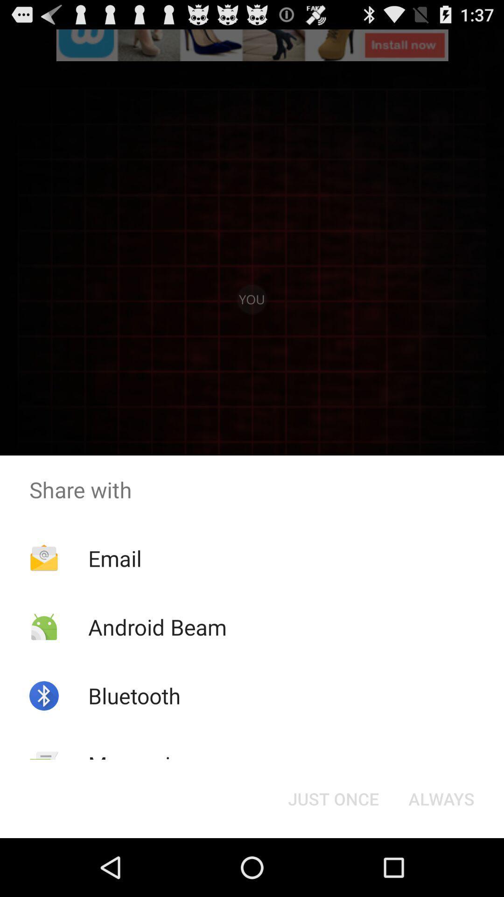 The image size is (504, 897). I want to click on the item below the email icon, so click(157, 627).